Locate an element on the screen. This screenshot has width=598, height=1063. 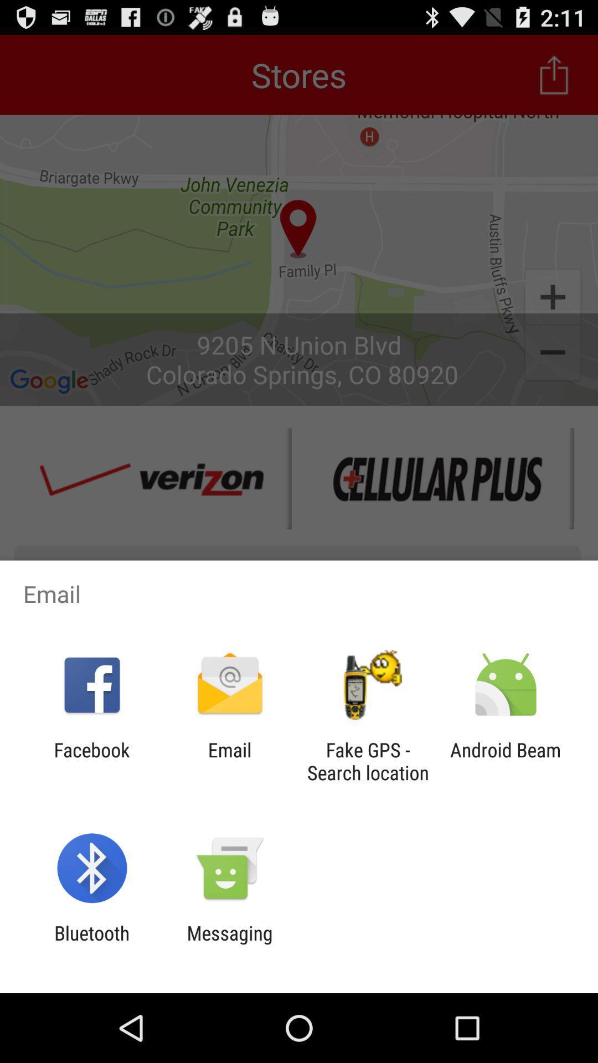
the fake gps search icon is located at coordinates (368, 761).